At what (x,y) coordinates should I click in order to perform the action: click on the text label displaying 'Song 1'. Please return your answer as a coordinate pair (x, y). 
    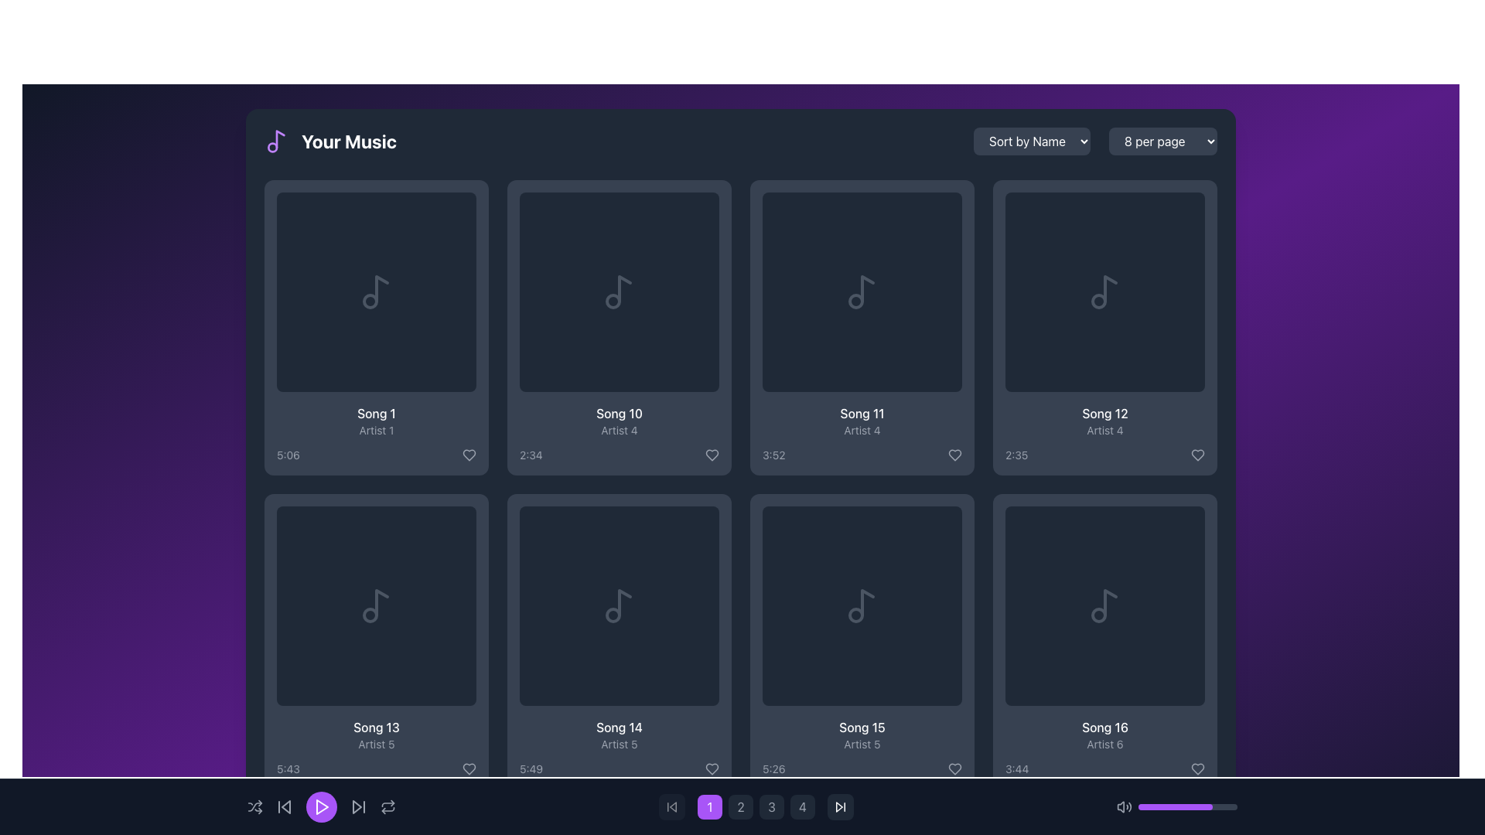
    Looking at the image, I should click on (376, 413).